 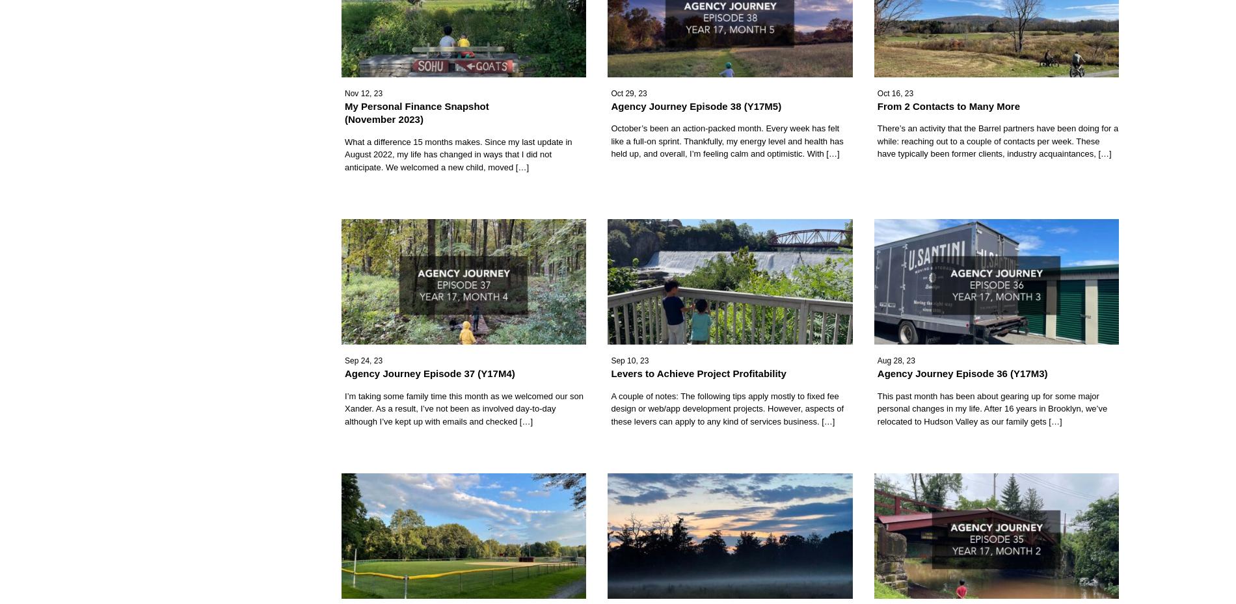 What do you see at coordinates (628, 93) in the screenshot?
I see `'Oct 29, 23'` at bounding box center [628, 93].